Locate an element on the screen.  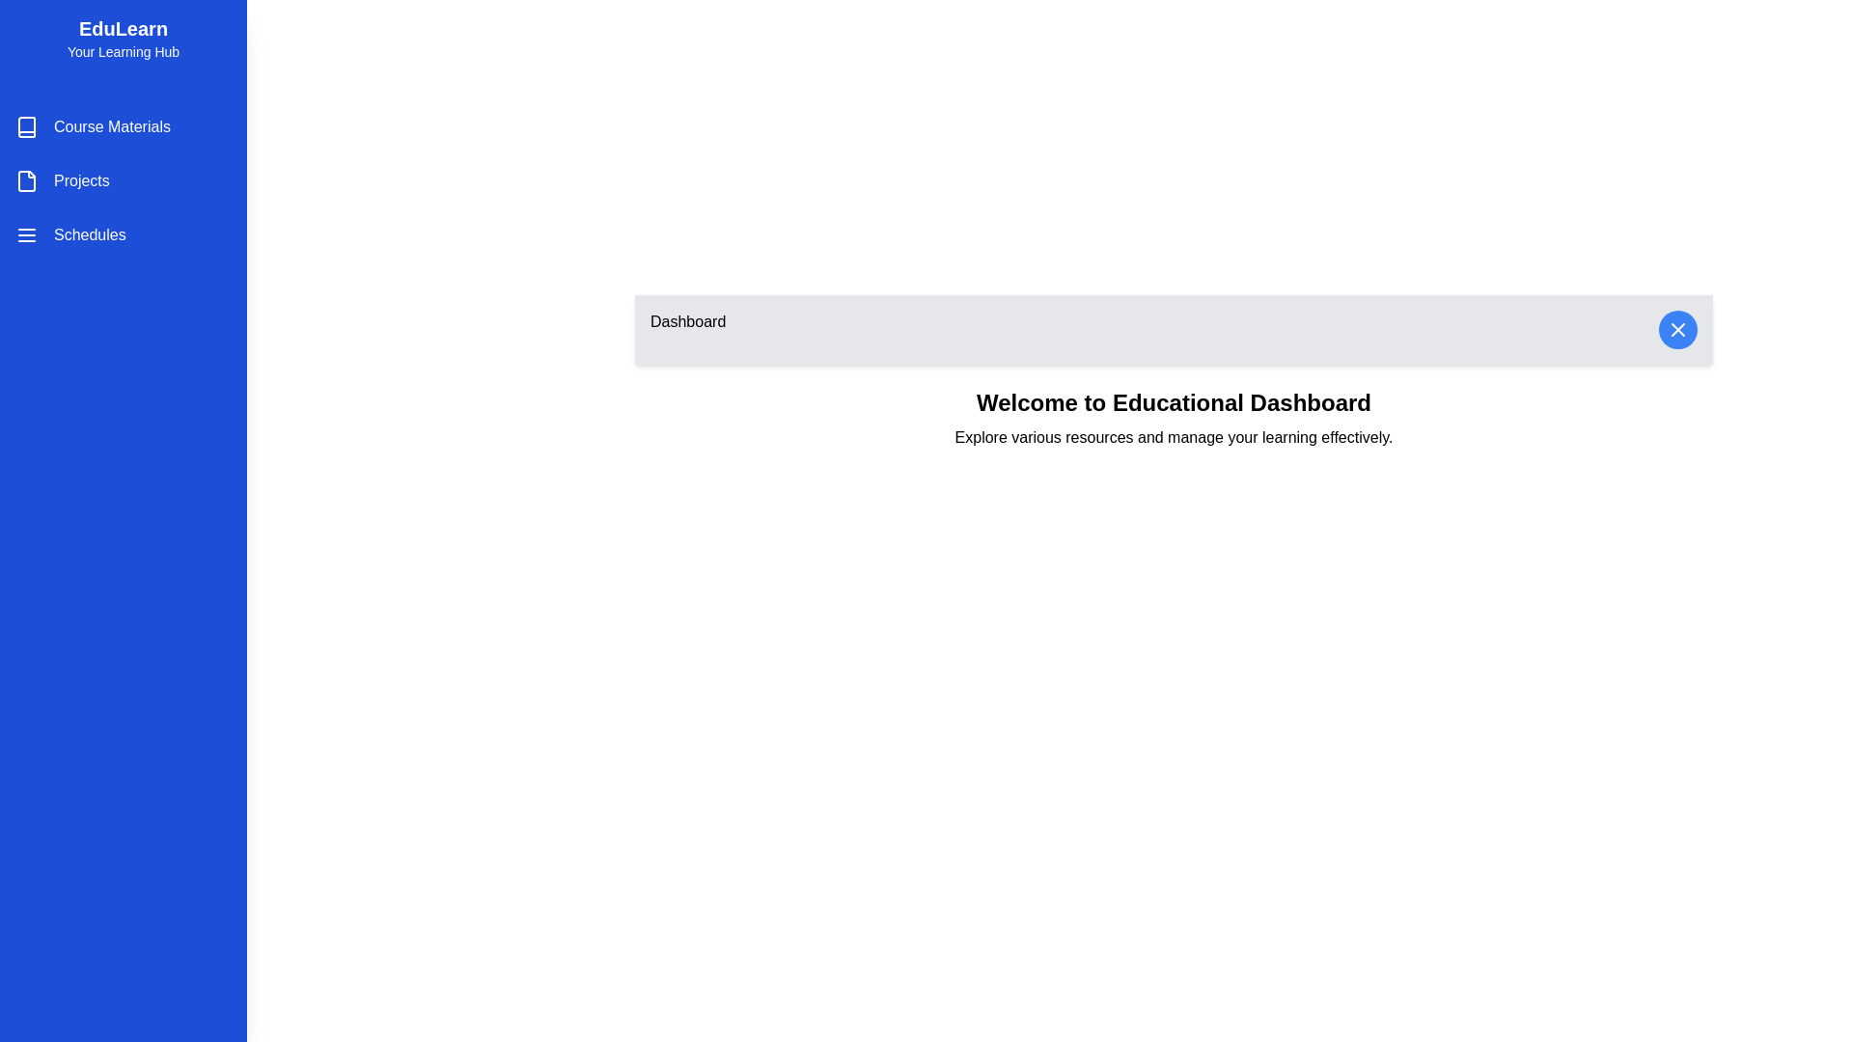
text description located under the headline 'Welcome to Educational Dashboard', which is centered within a gray-highlighted section is located at coordinates (1173, 438).